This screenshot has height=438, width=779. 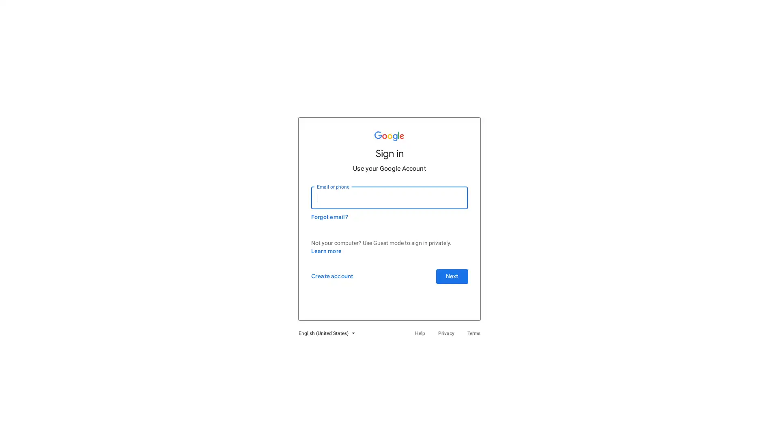 I want to click on Next, so click(x=448, y=281).